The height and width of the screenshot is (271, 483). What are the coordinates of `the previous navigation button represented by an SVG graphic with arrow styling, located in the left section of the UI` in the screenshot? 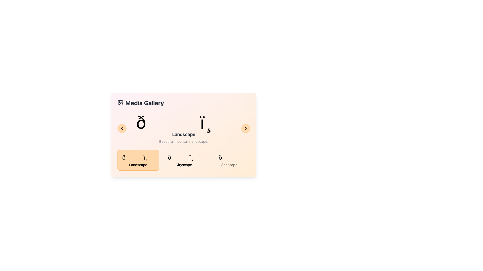 It's located at (122, 128).